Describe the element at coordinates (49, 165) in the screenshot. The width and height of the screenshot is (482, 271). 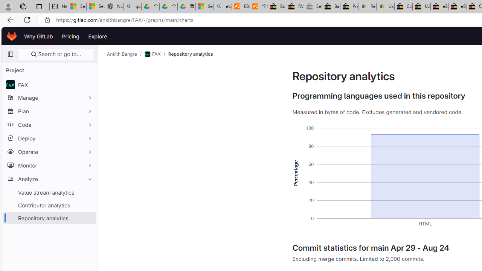
I see `'Monitor'` at that location.